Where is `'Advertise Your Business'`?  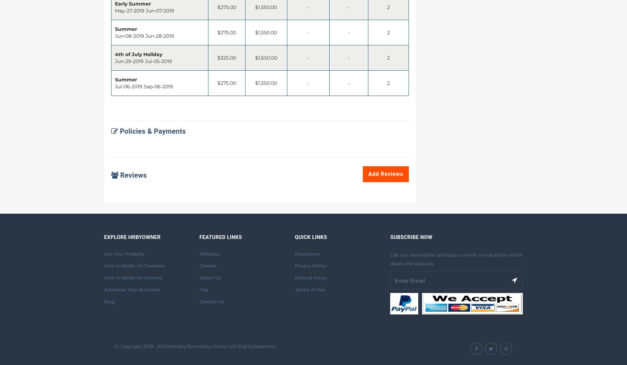
'Advertise Your Business' is located at coordinates (131, 289).